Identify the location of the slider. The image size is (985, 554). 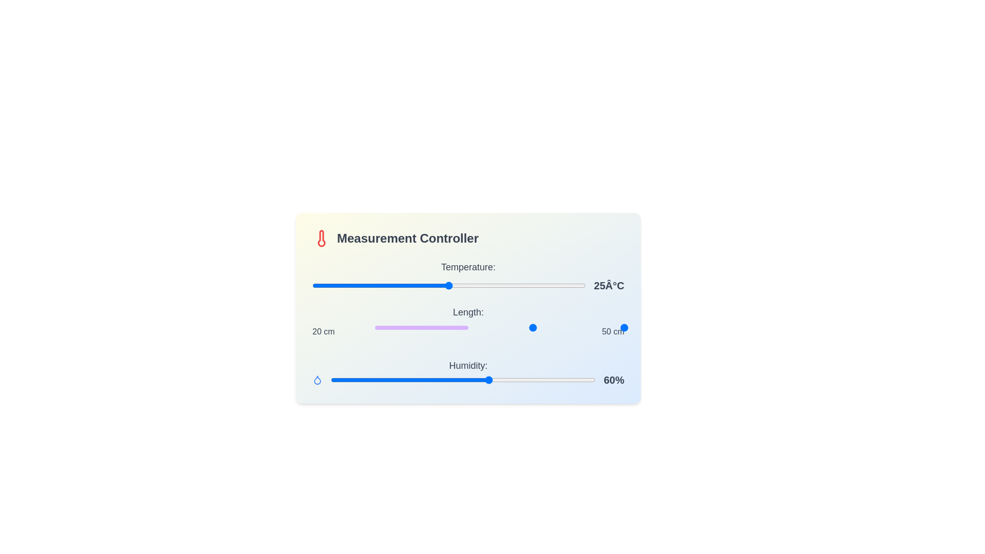
(575, 285).